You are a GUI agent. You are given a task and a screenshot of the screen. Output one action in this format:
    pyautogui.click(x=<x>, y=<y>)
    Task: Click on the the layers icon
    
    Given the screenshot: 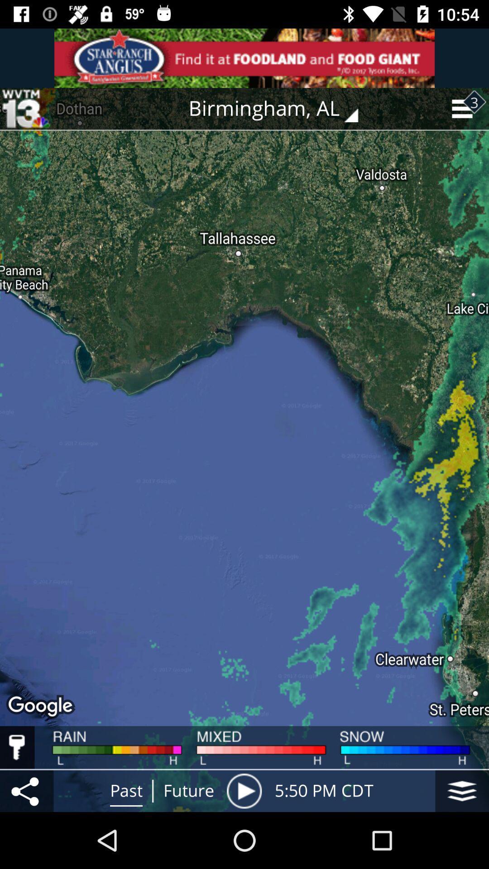 What is the action you would take?
    pyautogui.click(x=462, y=790)
    